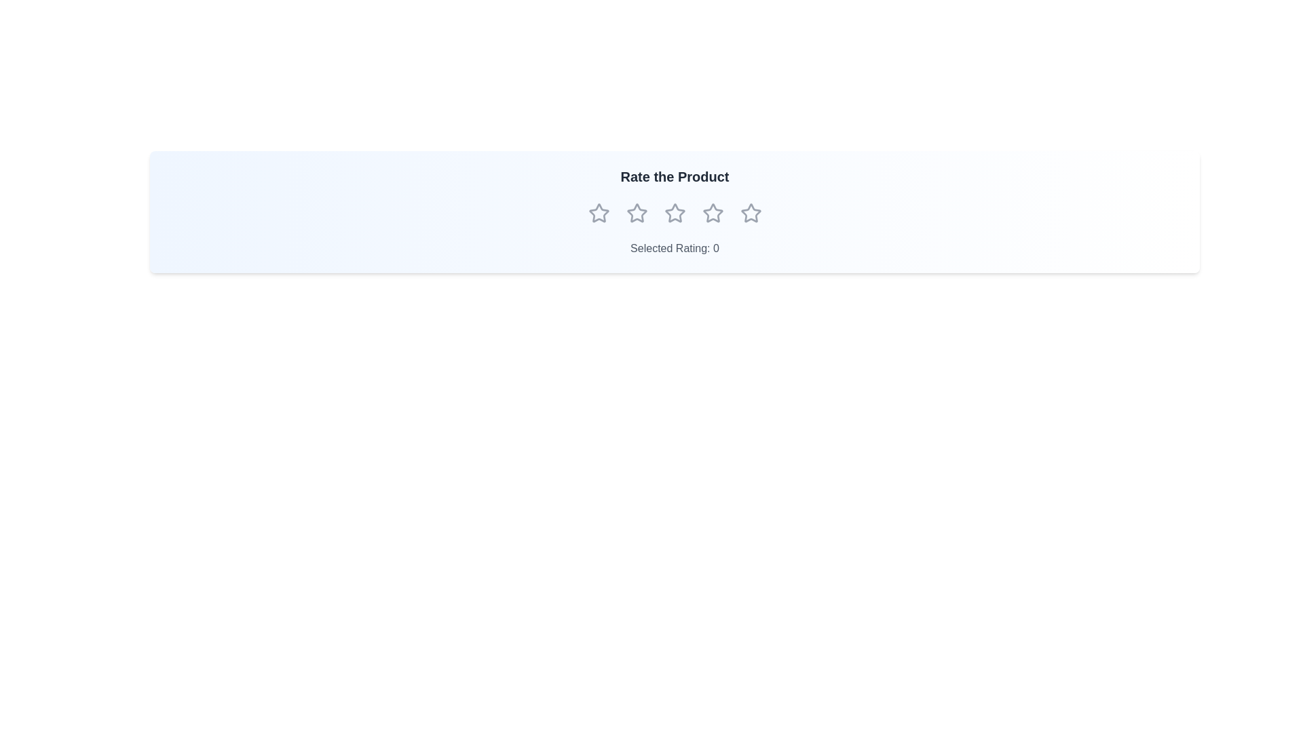 The height and width of the screenshot is (732, 1303). I want to click on the third star button in the rating system for keyboard-based selection, so click(675, 213).